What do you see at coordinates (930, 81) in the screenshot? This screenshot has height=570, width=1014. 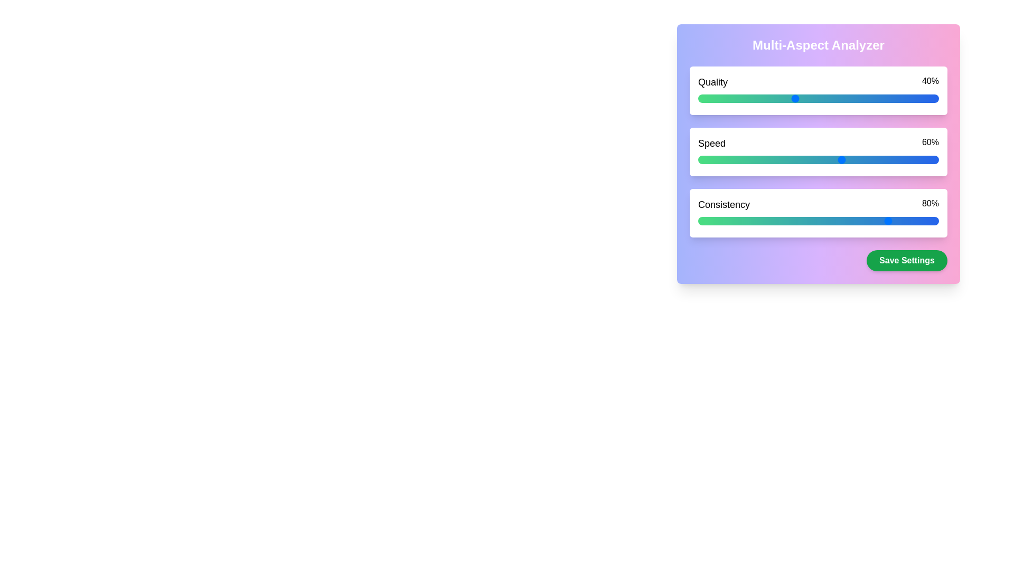 I see `or read the informational label displaying the current percentage value of the 'Quality' metric, located to the far right of the 'Quality' progress bar` at bounding box center [930, 81].